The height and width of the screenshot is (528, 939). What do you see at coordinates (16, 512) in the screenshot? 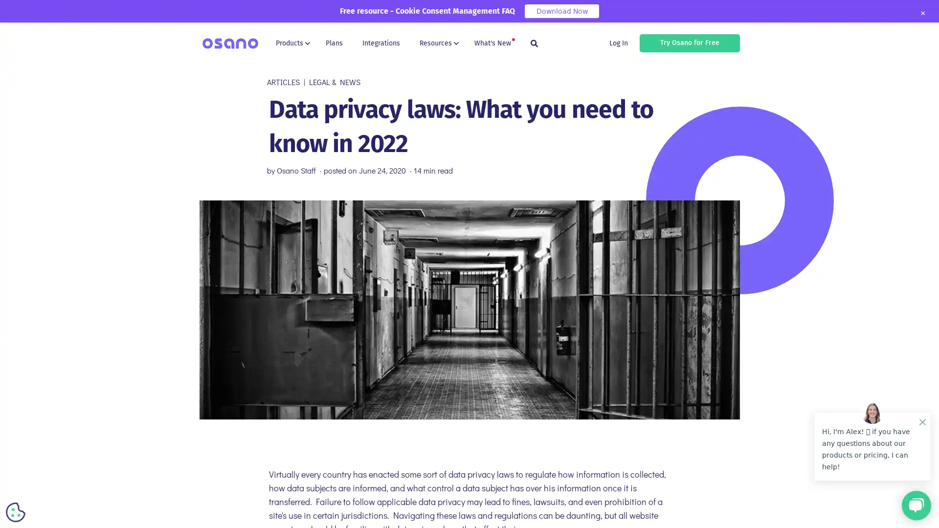
I see `Cookie Preferences` at bounding box center [16, 512].